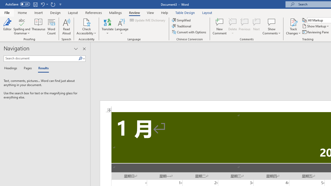 The image size is (331, 186). What do you see at coordinates (271, 22) in the screenshot?
I see `'Show Comments'` at bounding box center [271, 22].